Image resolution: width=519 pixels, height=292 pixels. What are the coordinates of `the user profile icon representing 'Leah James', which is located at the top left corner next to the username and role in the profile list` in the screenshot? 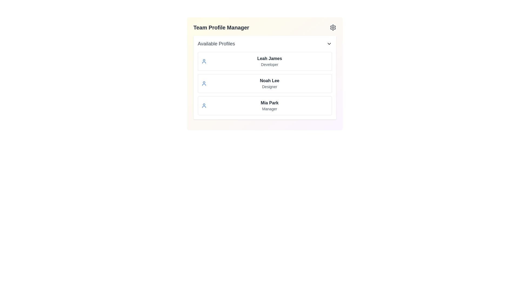 It's located at (204, 61).